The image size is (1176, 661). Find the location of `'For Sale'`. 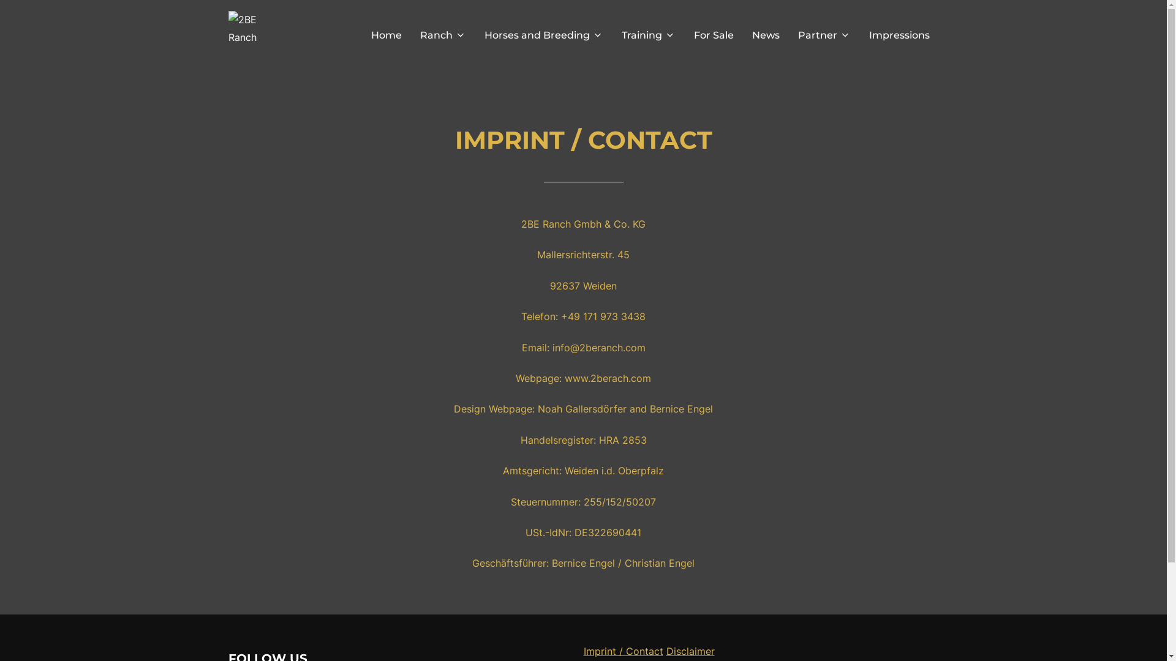

'For Sale' is located at coordinates (713, 34).